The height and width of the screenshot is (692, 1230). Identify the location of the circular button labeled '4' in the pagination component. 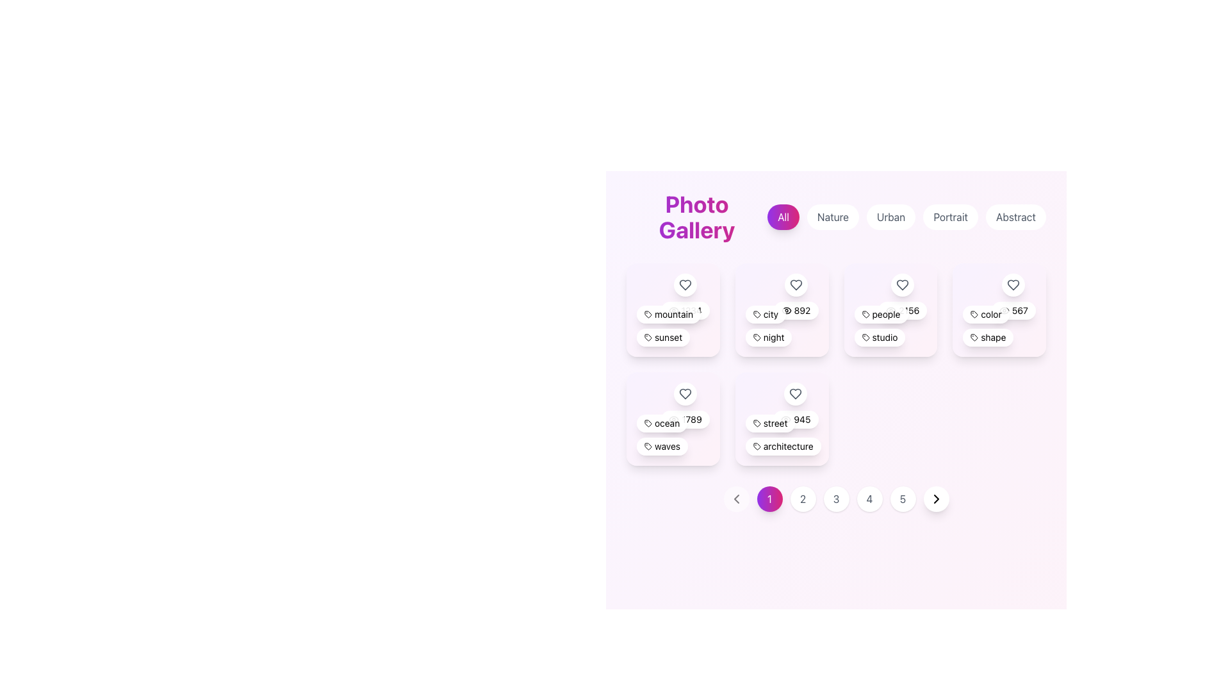
(869, 498).